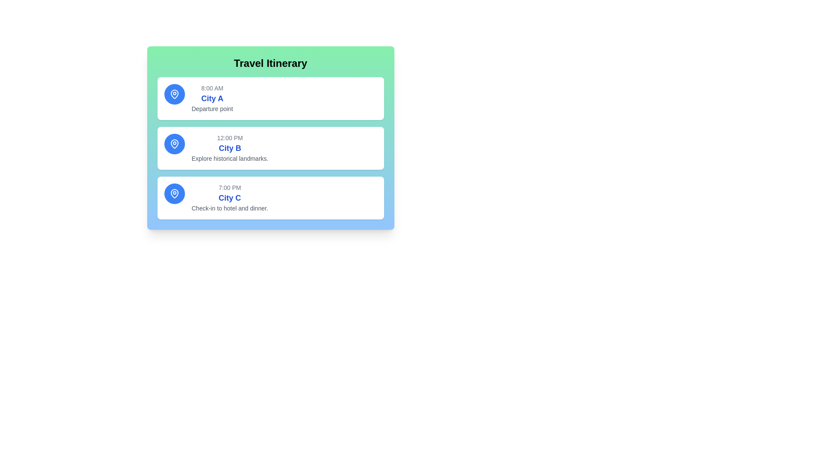 Image resolution: width=824 pixels, height=463 pixels. What do you see at coordinates (230, 159) in the screenshot?
I see `the text element that provides a description related to the 'City B' itinerary, positioned below 'City B'` at bounding box center [230, 159].